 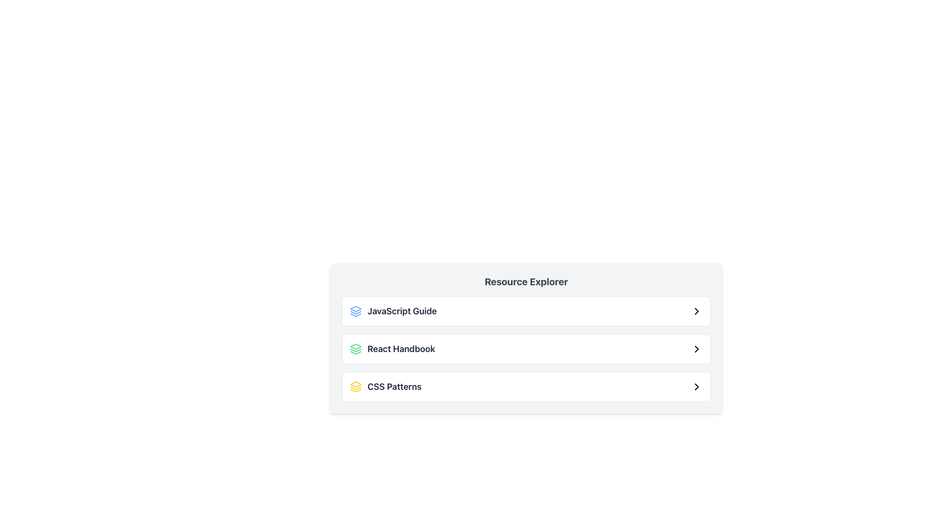 I want to click on the yellow icon representing overlapping layers, which is located in the bottom entry of the 'Resource Explorer' list, to the left of the text 'CSS Patterns', so click(x=355, y=386).